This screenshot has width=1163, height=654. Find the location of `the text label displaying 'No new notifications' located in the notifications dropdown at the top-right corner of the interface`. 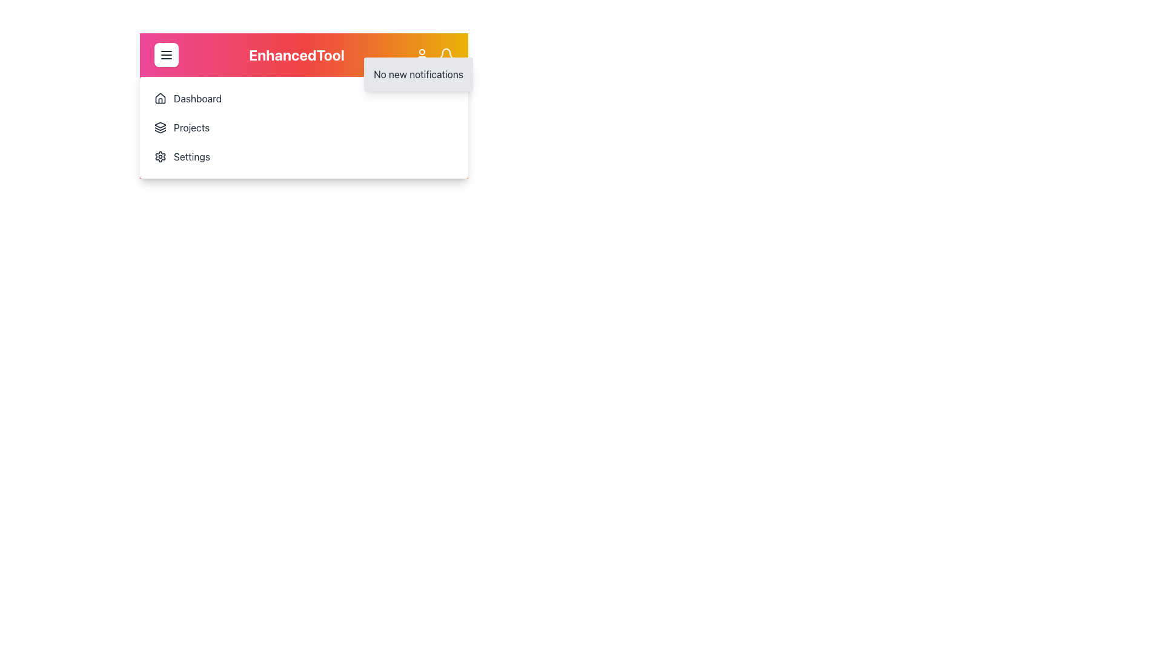

the text label displaying 'No new notifications' located in the notifications dropdown at the top-right corner of the interface is located at coordinates (419, 74).